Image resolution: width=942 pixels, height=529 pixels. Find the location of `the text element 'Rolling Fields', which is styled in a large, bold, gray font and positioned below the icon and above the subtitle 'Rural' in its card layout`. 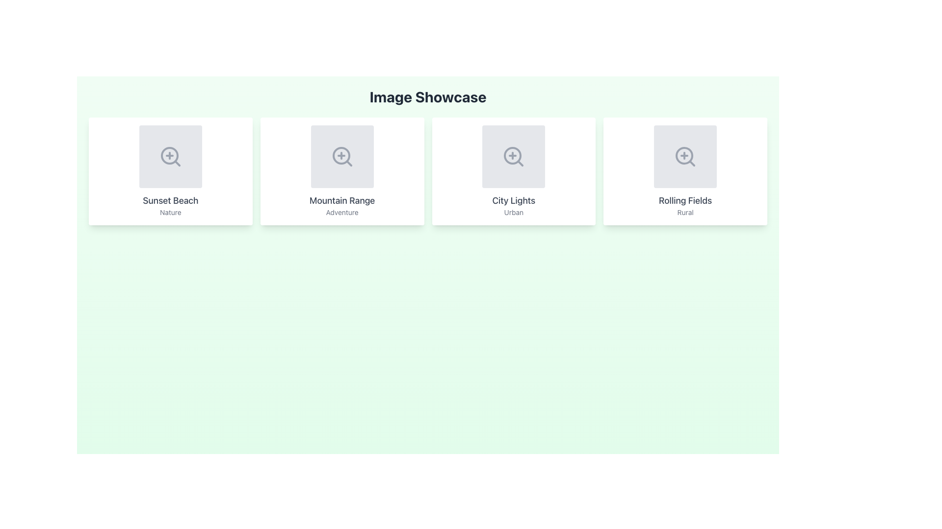

the text element 'Rolling Fields', which is styled in a large, bold, gray font and positioned below the icon and above the subtitle 'Rural' in its card layout is located at coordinates (685, 200).